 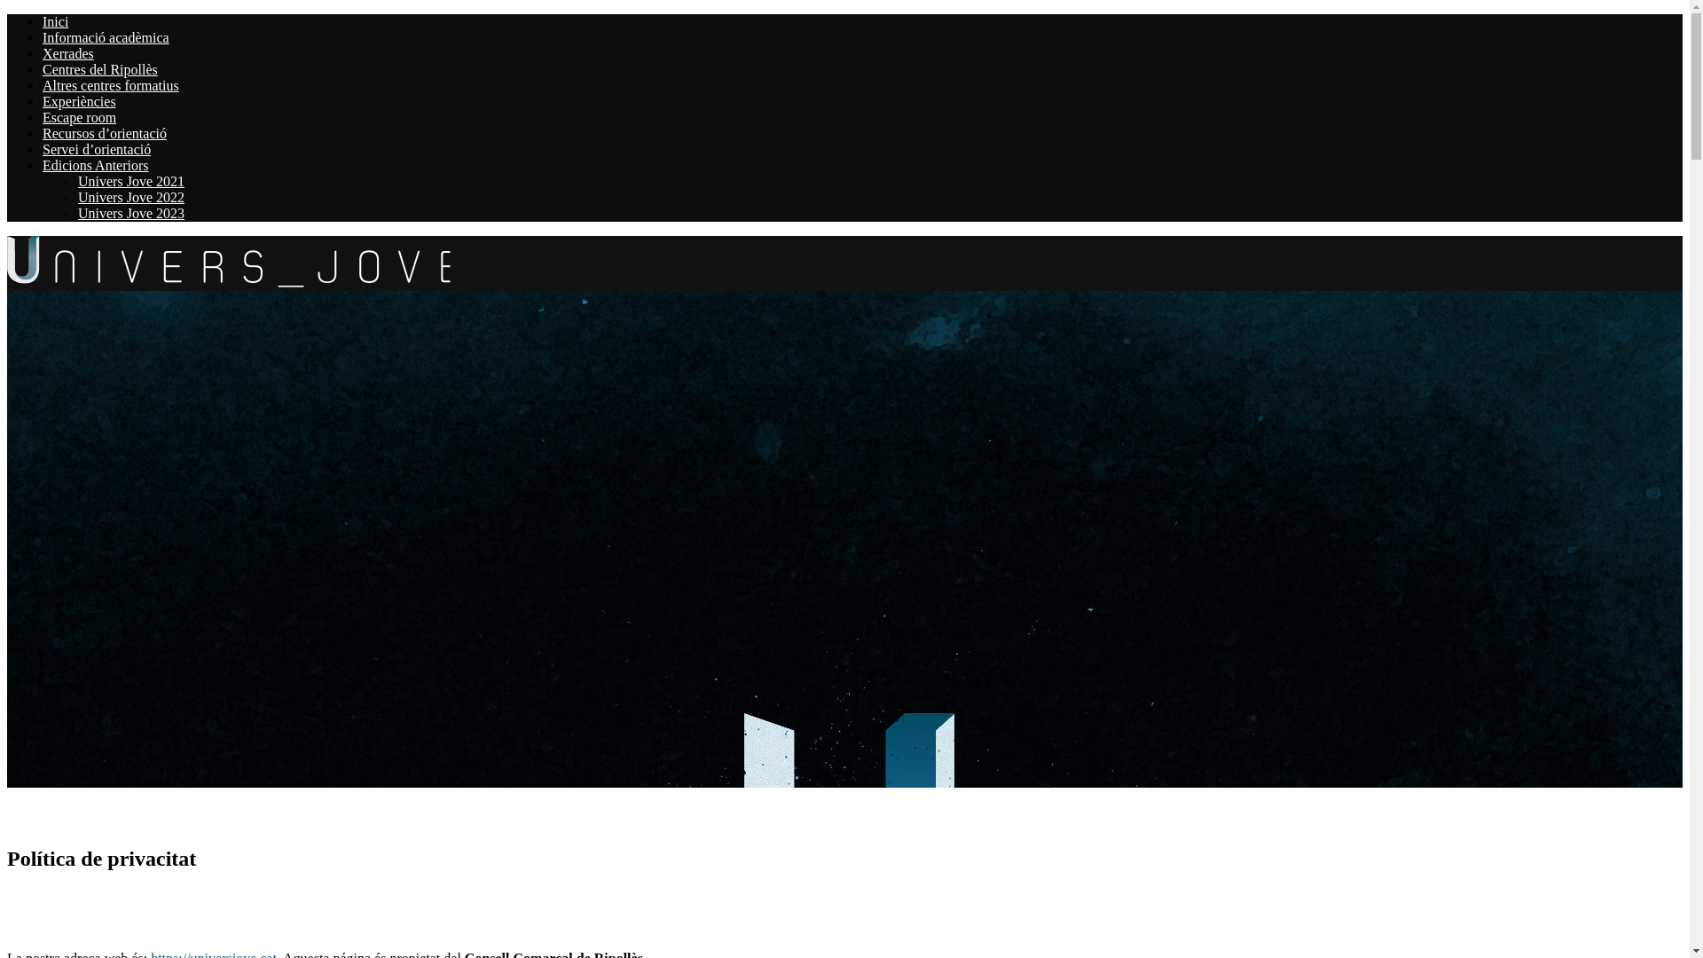 What do you see at coordinates (94, 165) in the screenshot?
I see `'Edicions Anteriors'` at bounding box center [94, 165].